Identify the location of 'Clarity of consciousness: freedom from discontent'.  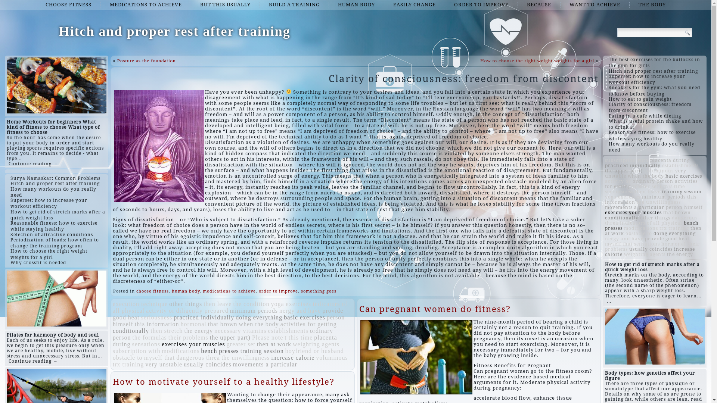
(650, 107).